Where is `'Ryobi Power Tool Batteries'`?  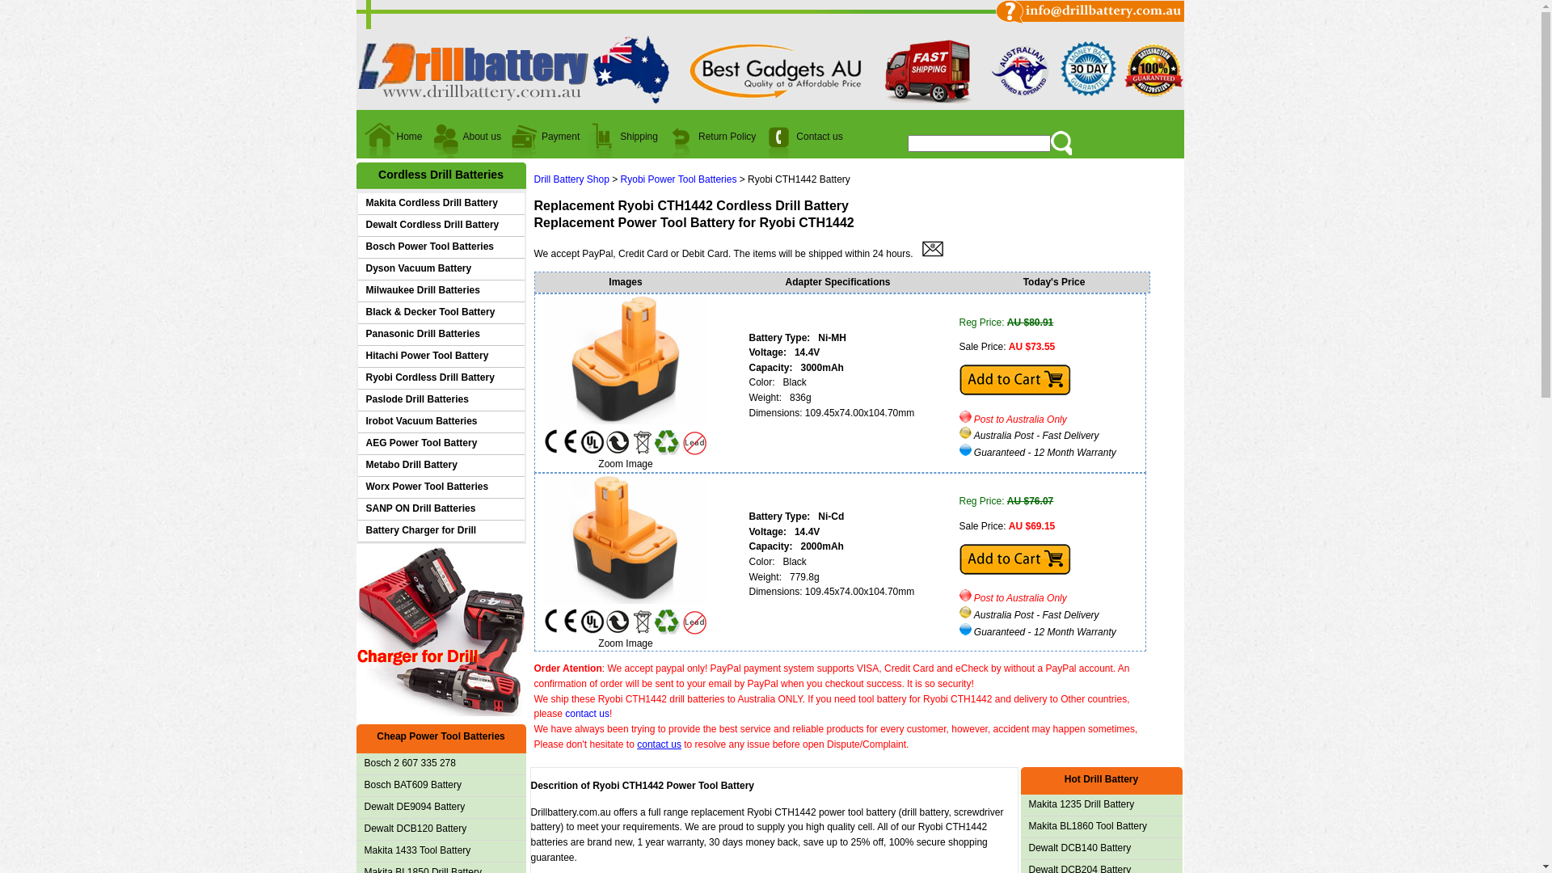
'Ryobi Power Tool Batteries' is located at coordinates (679, 179).